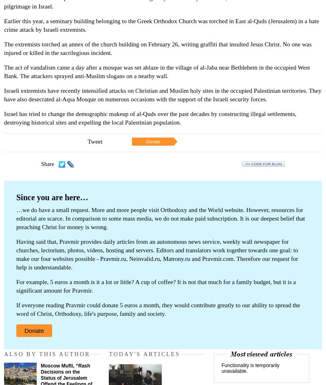 This screenshot has width=326, height=385. Describe the element at coordinates (144, 354) in the screenshot. I see `'Today's Articles'` at that location.